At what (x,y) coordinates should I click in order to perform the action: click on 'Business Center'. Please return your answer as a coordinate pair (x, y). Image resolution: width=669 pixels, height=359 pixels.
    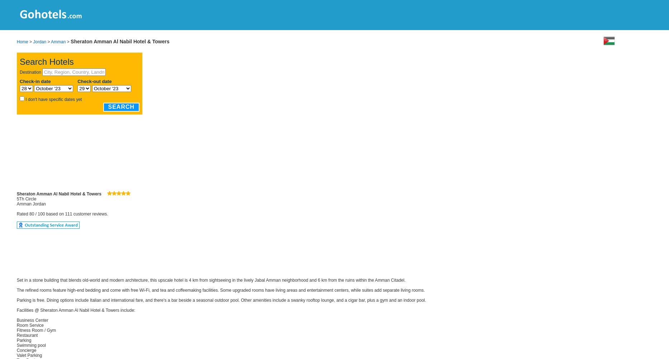
    Looking at the image, I should click on (32, 320).